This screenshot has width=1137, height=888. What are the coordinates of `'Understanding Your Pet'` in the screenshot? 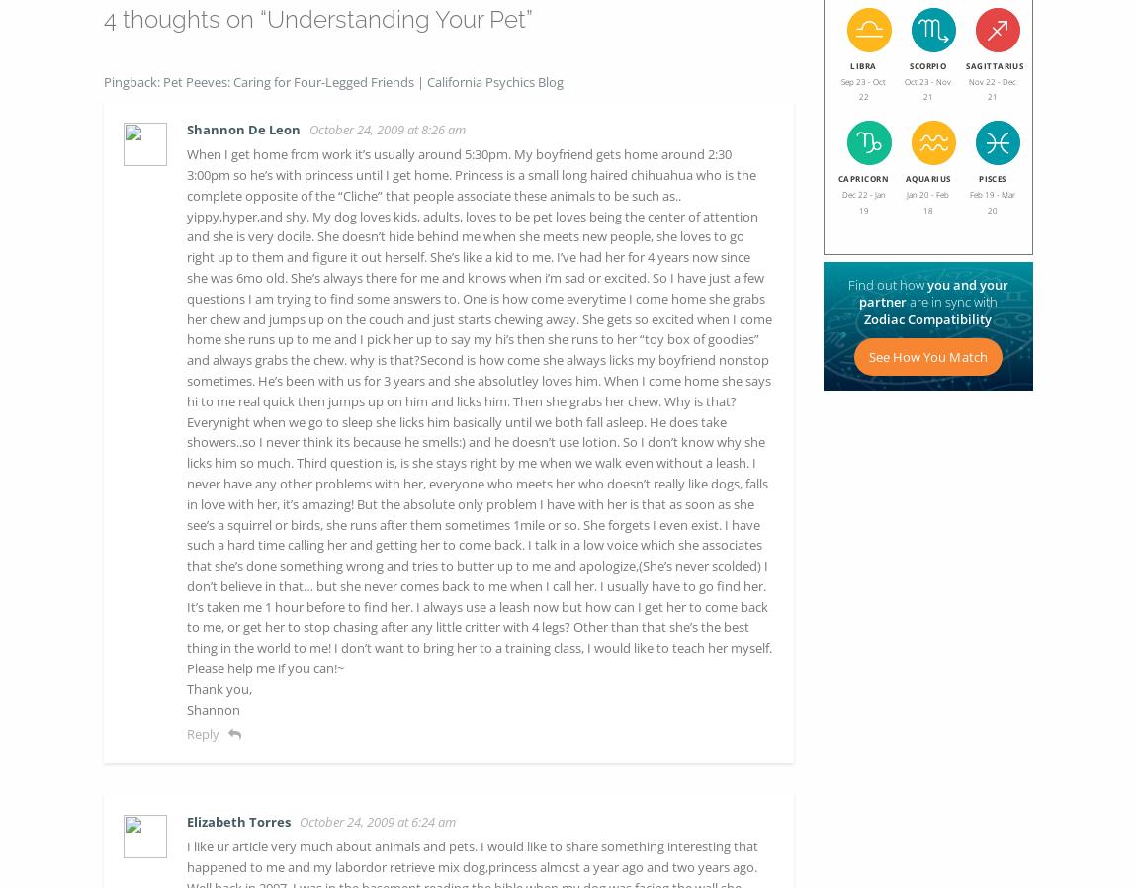 It's located at (396, 18).